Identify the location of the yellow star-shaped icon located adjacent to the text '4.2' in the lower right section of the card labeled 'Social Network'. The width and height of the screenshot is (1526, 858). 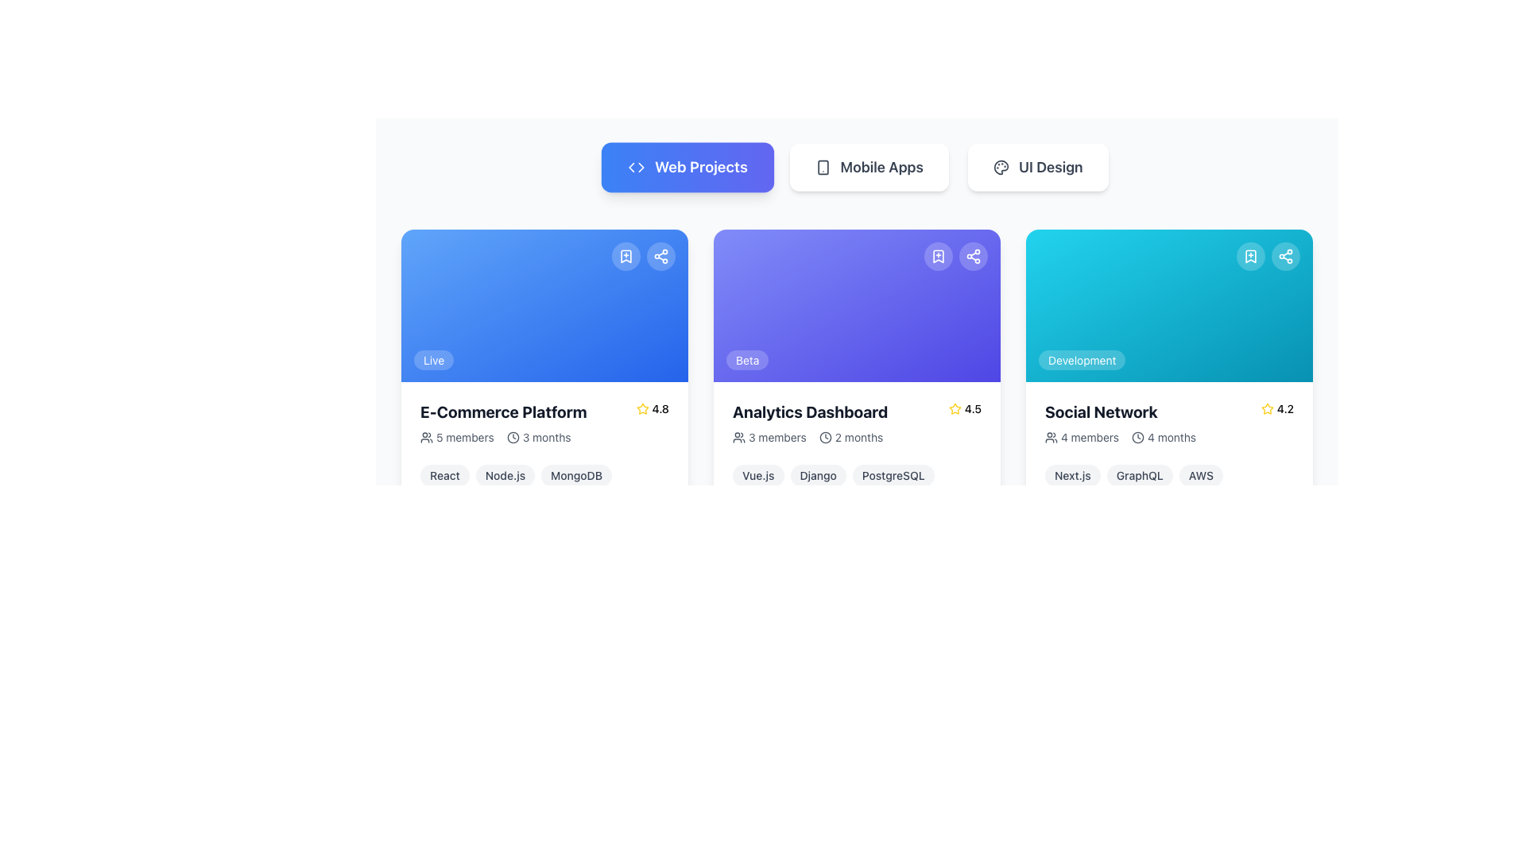
(1266, 408).